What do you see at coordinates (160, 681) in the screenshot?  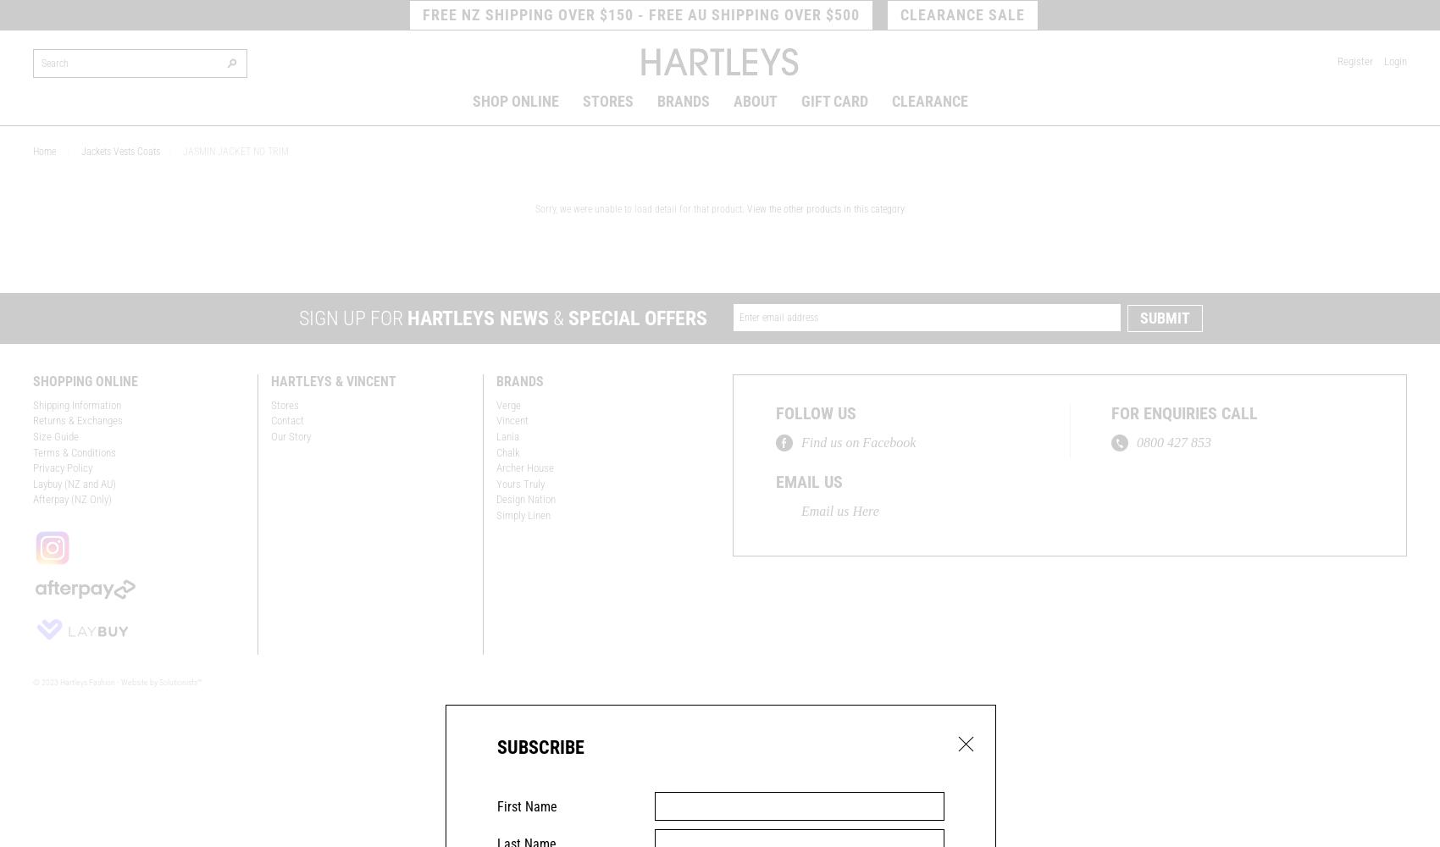 I see `'Website by Solutionists™'` at bounding box center [160, 681].